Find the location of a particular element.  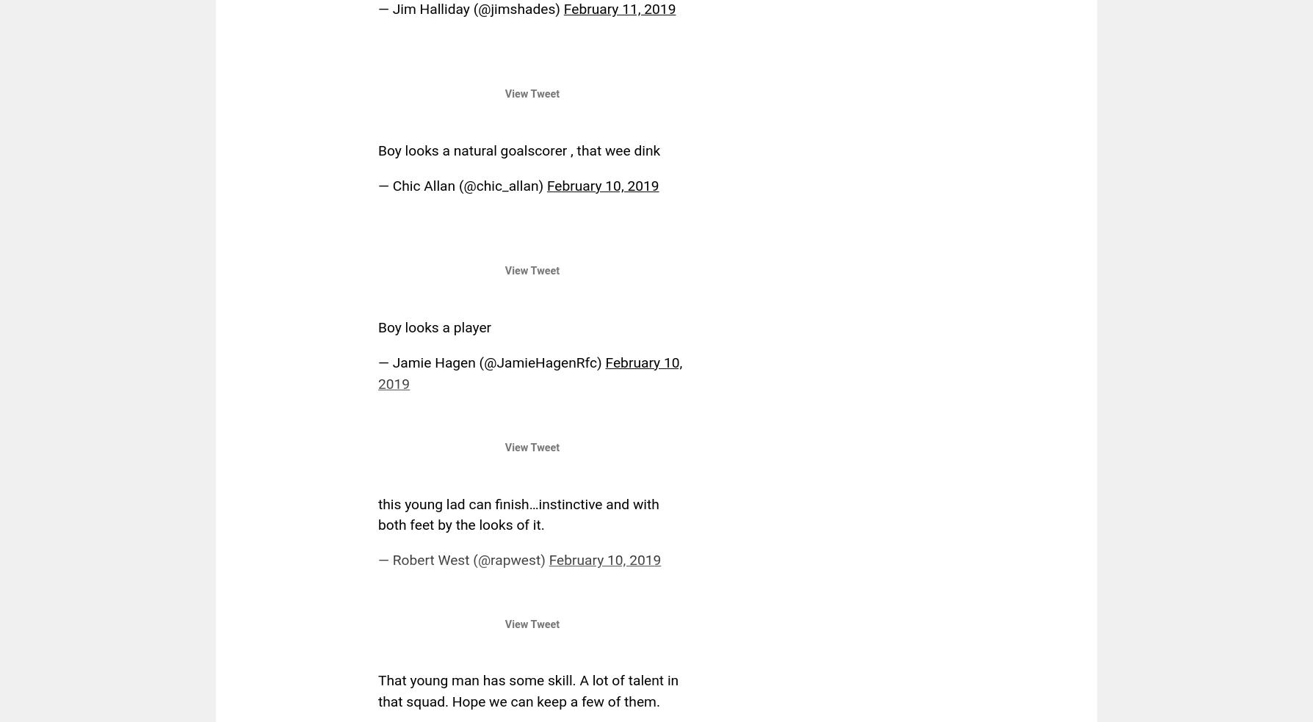

'Boy looks a player' is located at coordinates (435, 327).